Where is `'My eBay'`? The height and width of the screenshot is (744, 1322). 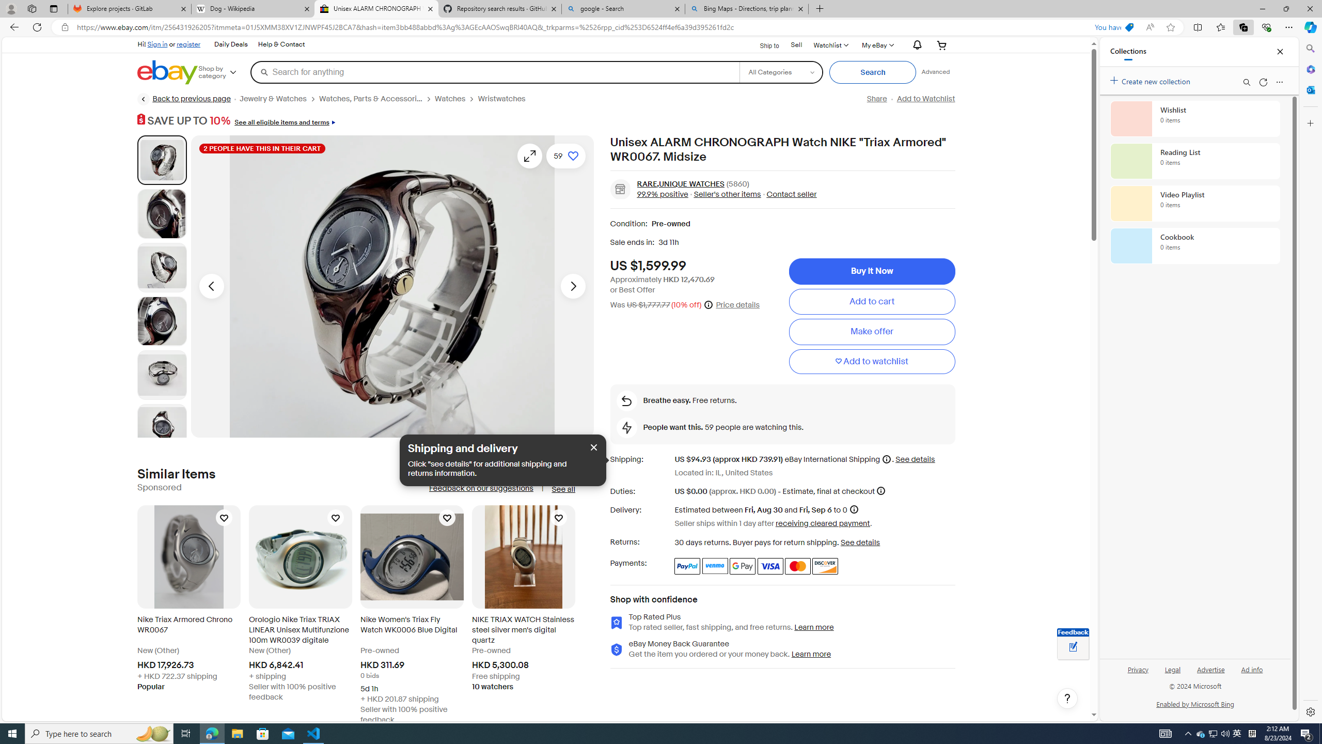
'My eBay' is located at coordinates (876, 45).